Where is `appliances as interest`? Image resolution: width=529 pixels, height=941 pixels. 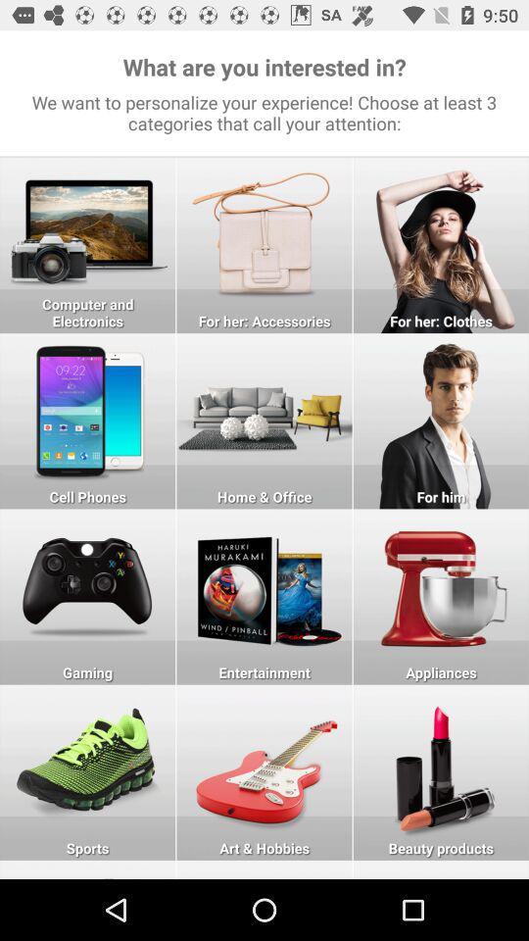 appliances as interest is located at coordinates (441, 596).